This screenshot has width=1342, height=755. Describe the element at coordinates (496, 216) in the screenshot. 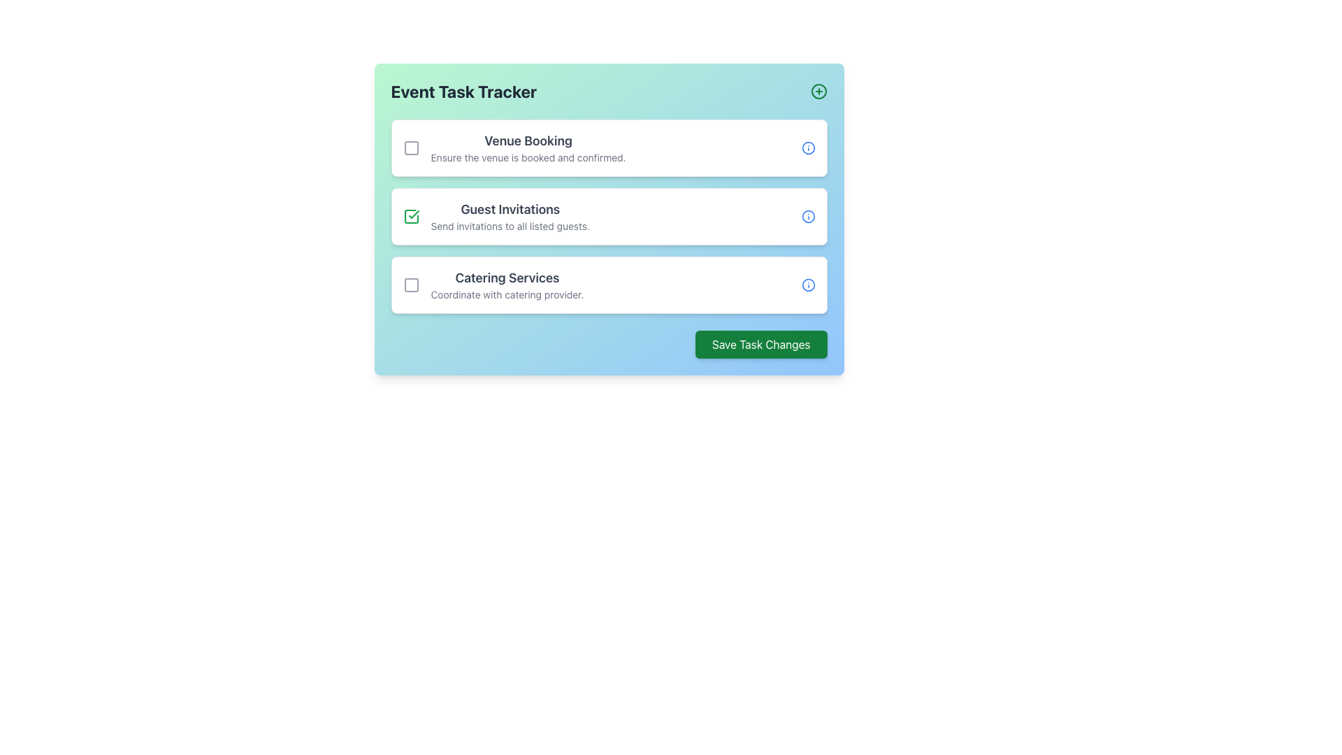

I see `the 'Guest Invitations' text label within the second task card` at that location.